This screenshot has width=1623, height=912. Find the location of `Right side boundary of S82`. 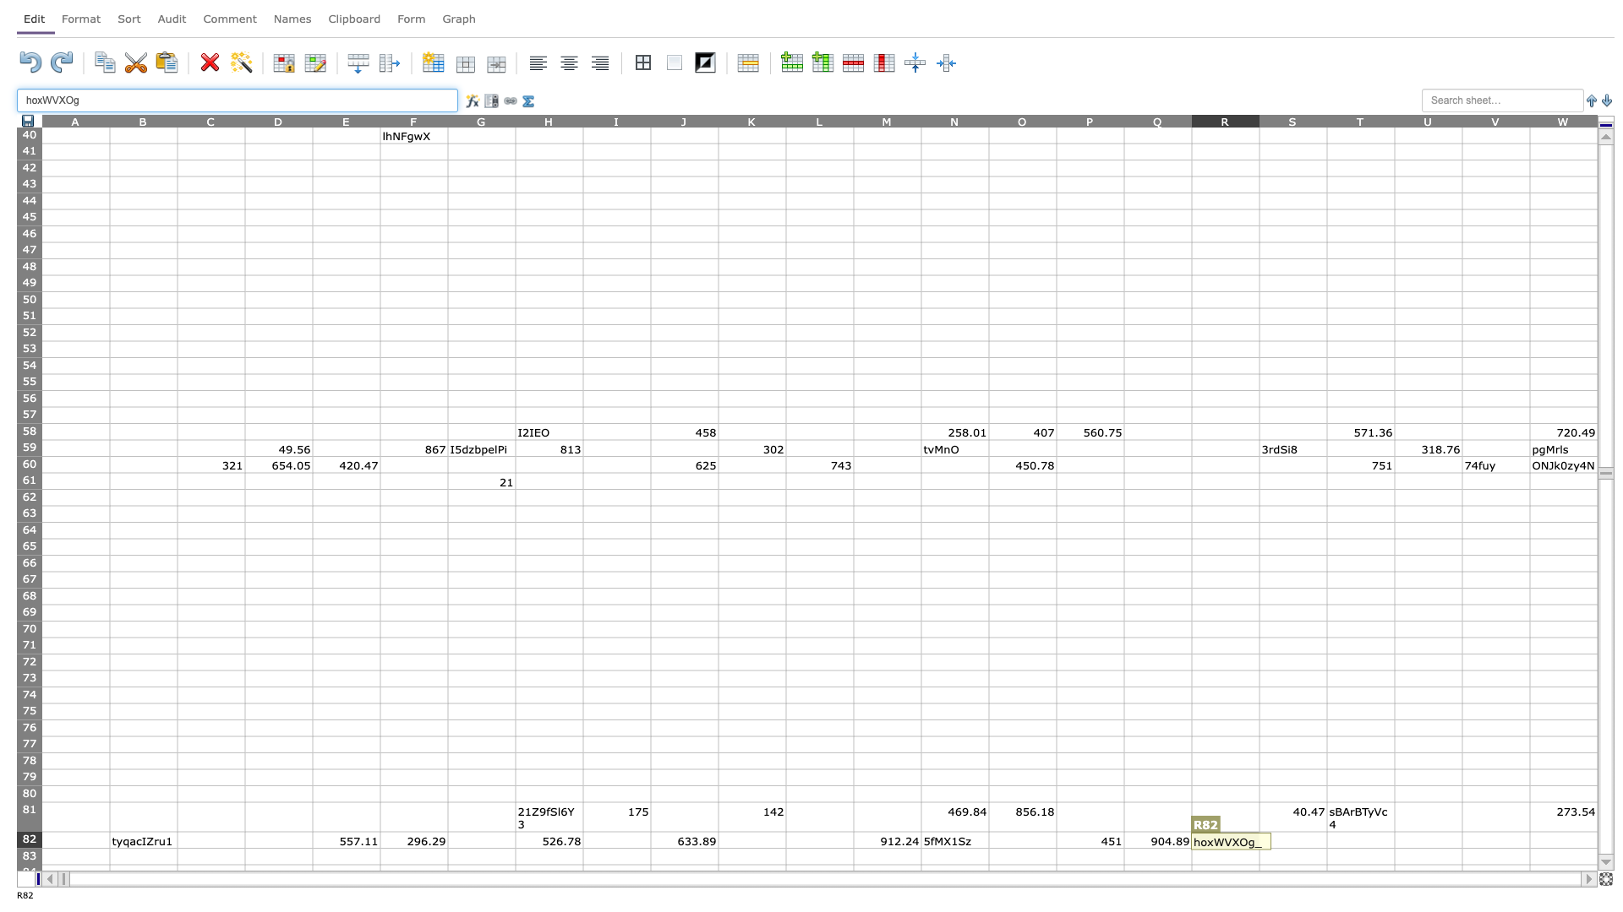

Right side boundary of S82 is located at coordinates (1325, 839).